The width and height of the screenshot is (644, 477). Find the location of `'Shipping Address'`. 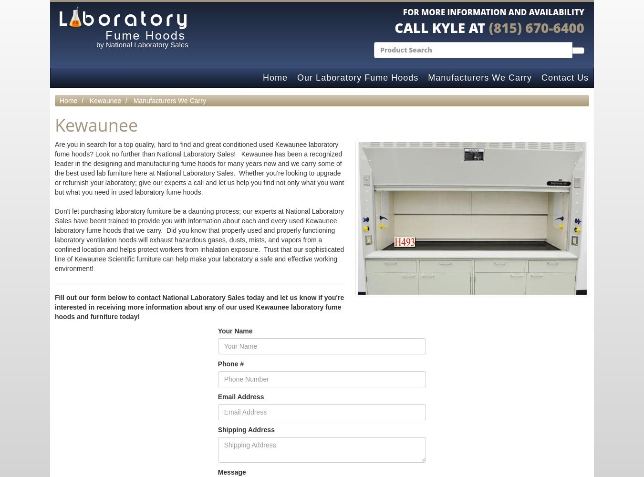

'Shipping Address' is located at coordinates (245, 429).